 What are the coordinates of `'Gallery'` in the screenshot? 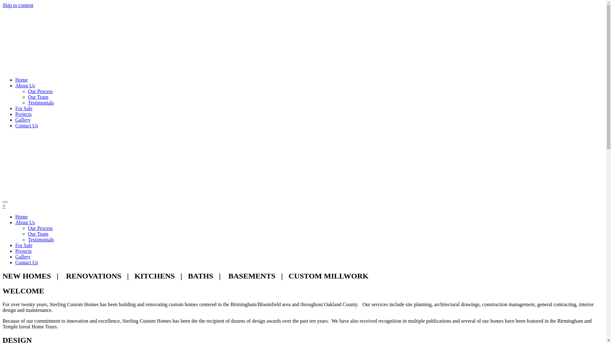 It's located at (23, 120).